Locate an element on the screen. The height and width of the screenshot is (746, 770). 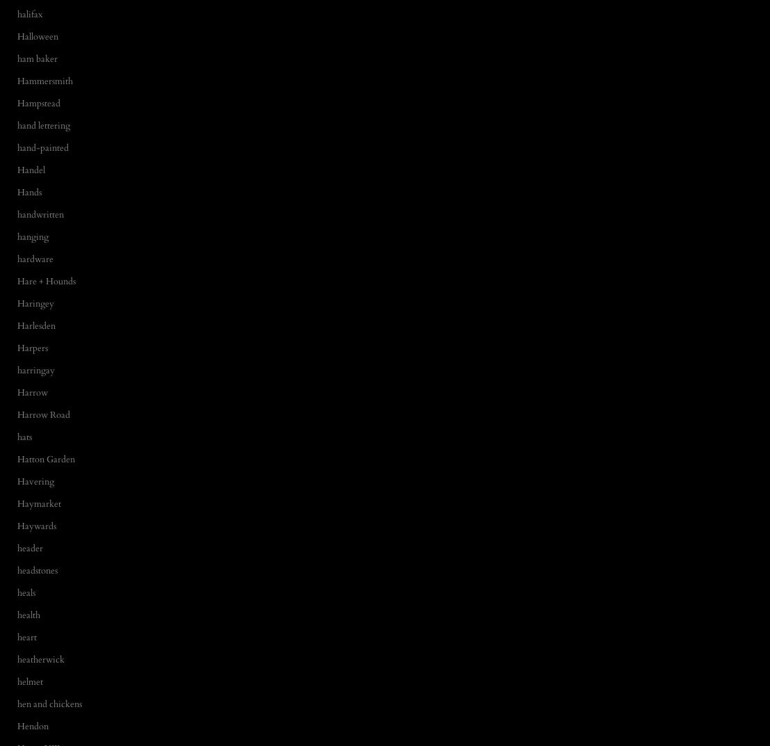
'heatherwick' is located at coordinates (40, 658).